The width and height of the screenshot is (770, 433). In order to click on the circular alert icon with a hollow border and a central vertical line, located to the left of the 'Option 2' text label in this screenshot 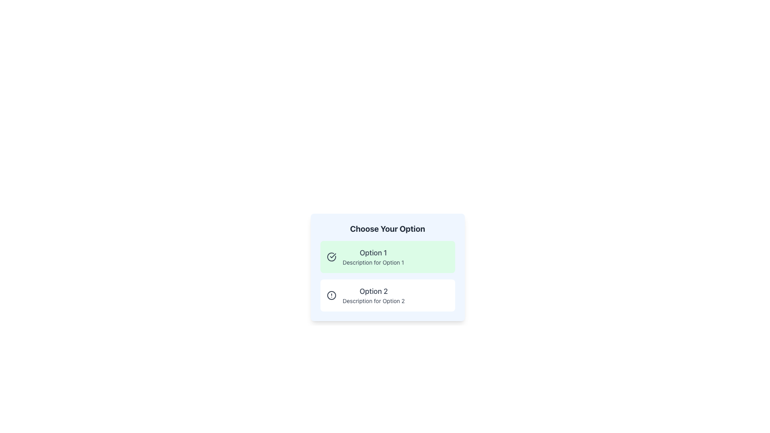, I will do `click(331, 295)`.